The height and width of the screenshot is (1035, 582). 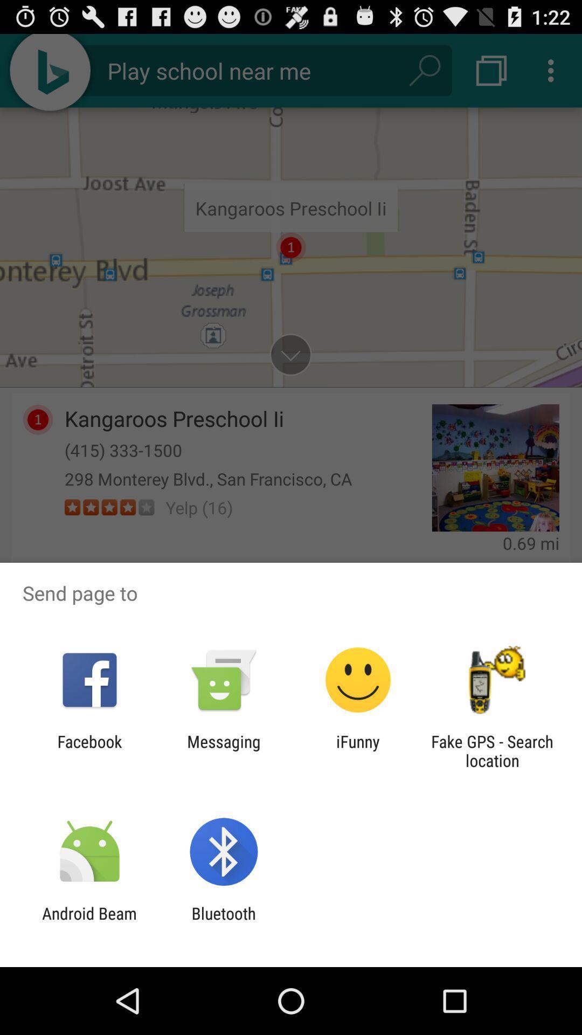 I want to click on icon to the left of messaging icon, so click(x=89, y=750).